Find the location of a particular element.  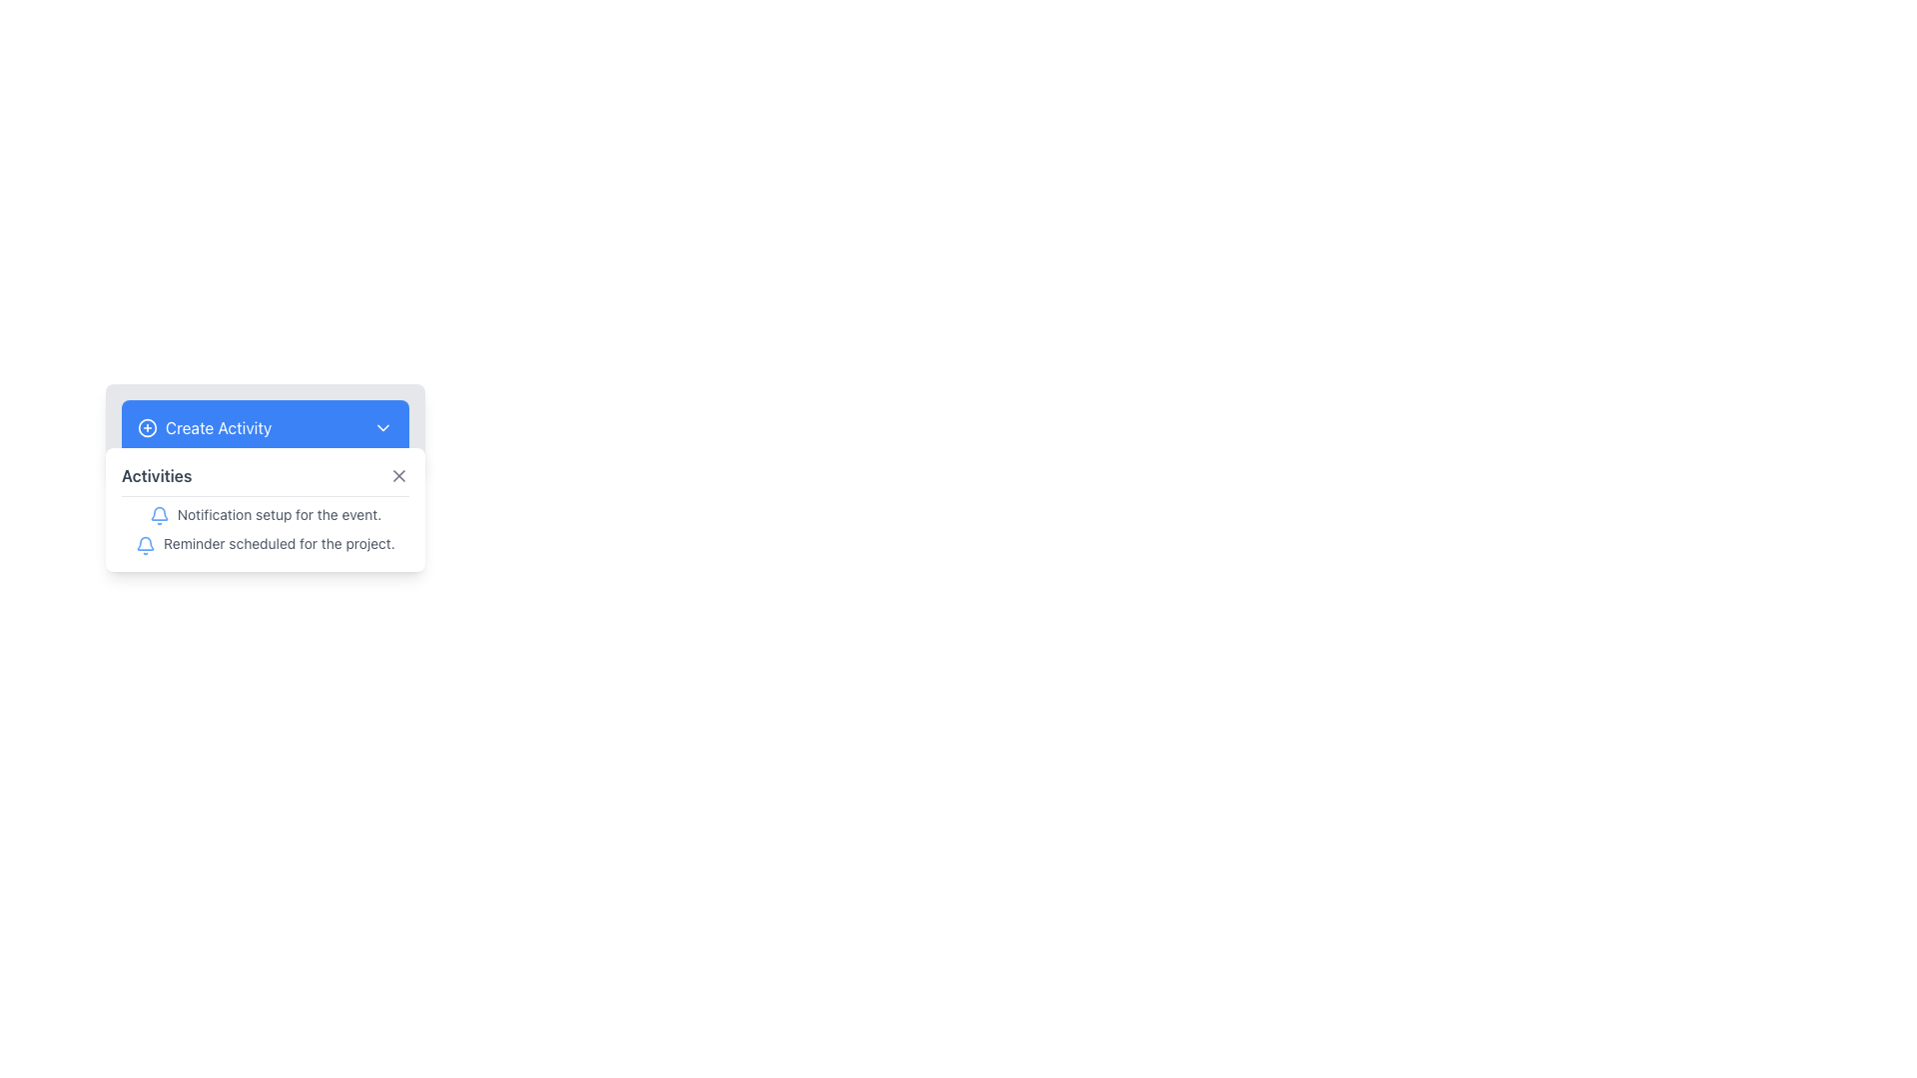

the Text block with inline icons that includes sentences about 'Notification setup for the event.' and 'Reminder scheduled for the project.' is located at coordinates (264, 529).